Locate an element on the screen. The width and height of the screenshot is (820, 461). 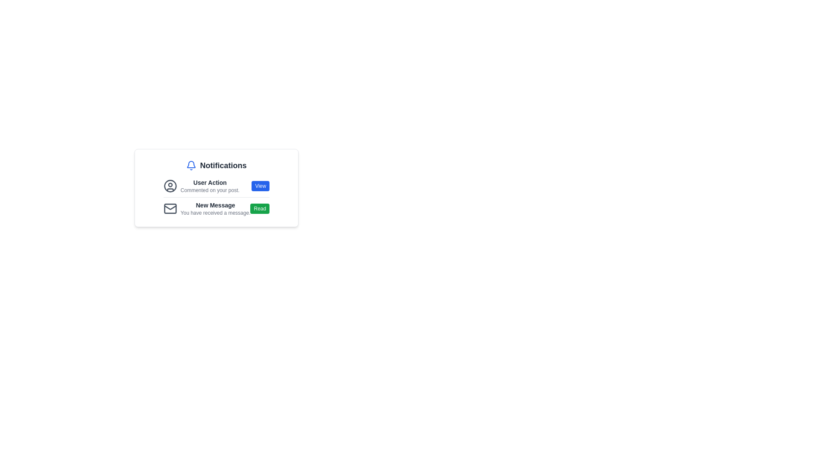
the 'Read' action button in the Notification card that informs the user of a new message, located in the bottom half of the notification box is located at coordinates (217, 208).